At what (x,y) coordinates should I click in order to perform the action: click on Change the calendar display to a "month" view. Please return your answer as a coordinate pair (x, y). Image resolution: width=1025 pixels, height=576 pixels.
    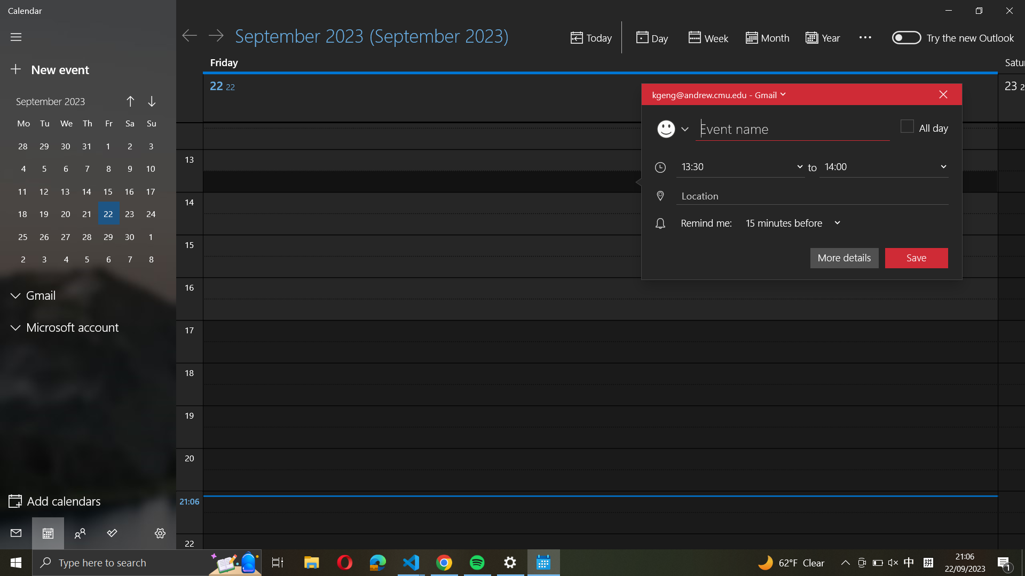
    Looking at the image, I should click on (766, 38).